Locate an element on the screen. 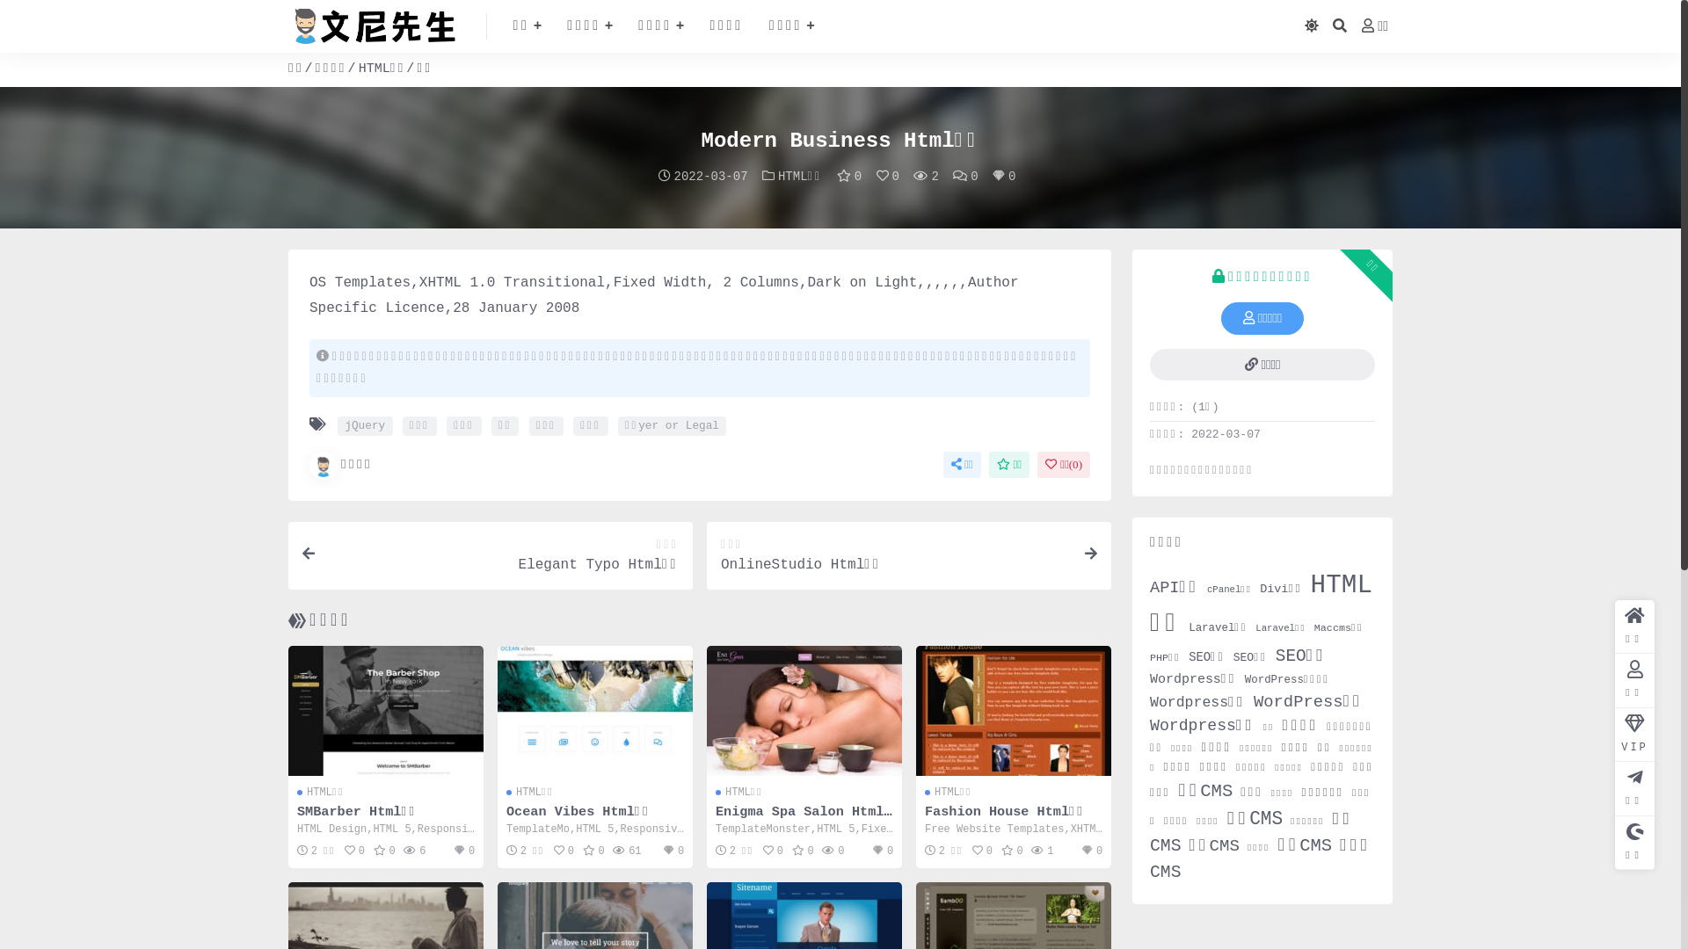 The height and width of the screenshot is (949, 1688). 'jQuery' is located at coordinates (338, 426).